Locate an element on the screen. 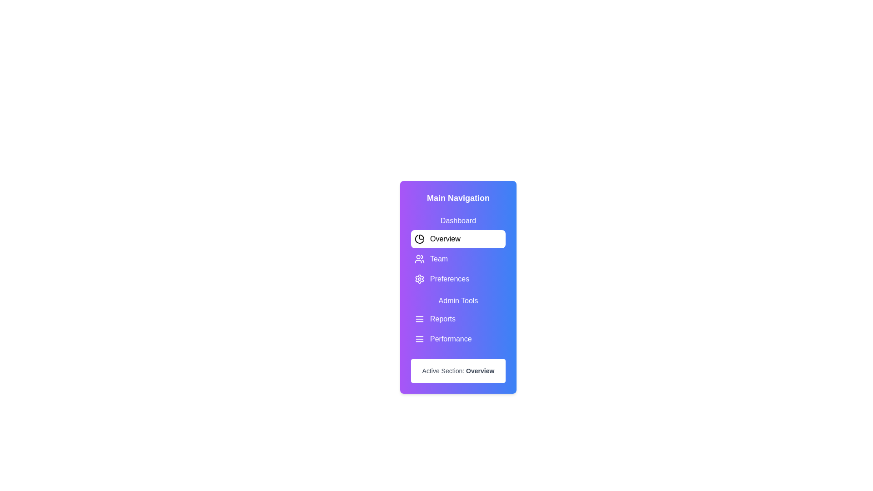  the menu option labeled Preferences is located at coordinates (458, 278).